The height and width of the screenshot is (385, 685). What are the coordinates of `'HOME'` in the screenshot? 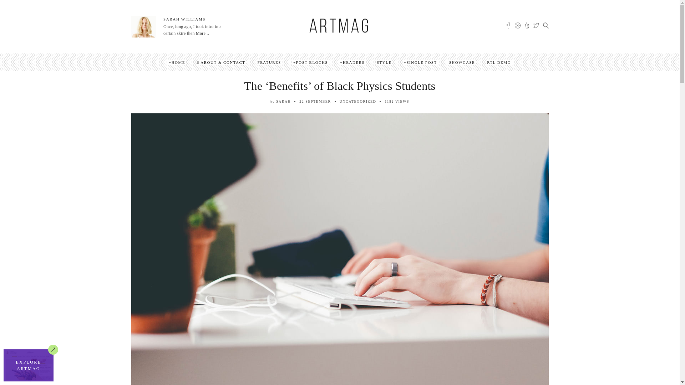 It's located at (177, 62).